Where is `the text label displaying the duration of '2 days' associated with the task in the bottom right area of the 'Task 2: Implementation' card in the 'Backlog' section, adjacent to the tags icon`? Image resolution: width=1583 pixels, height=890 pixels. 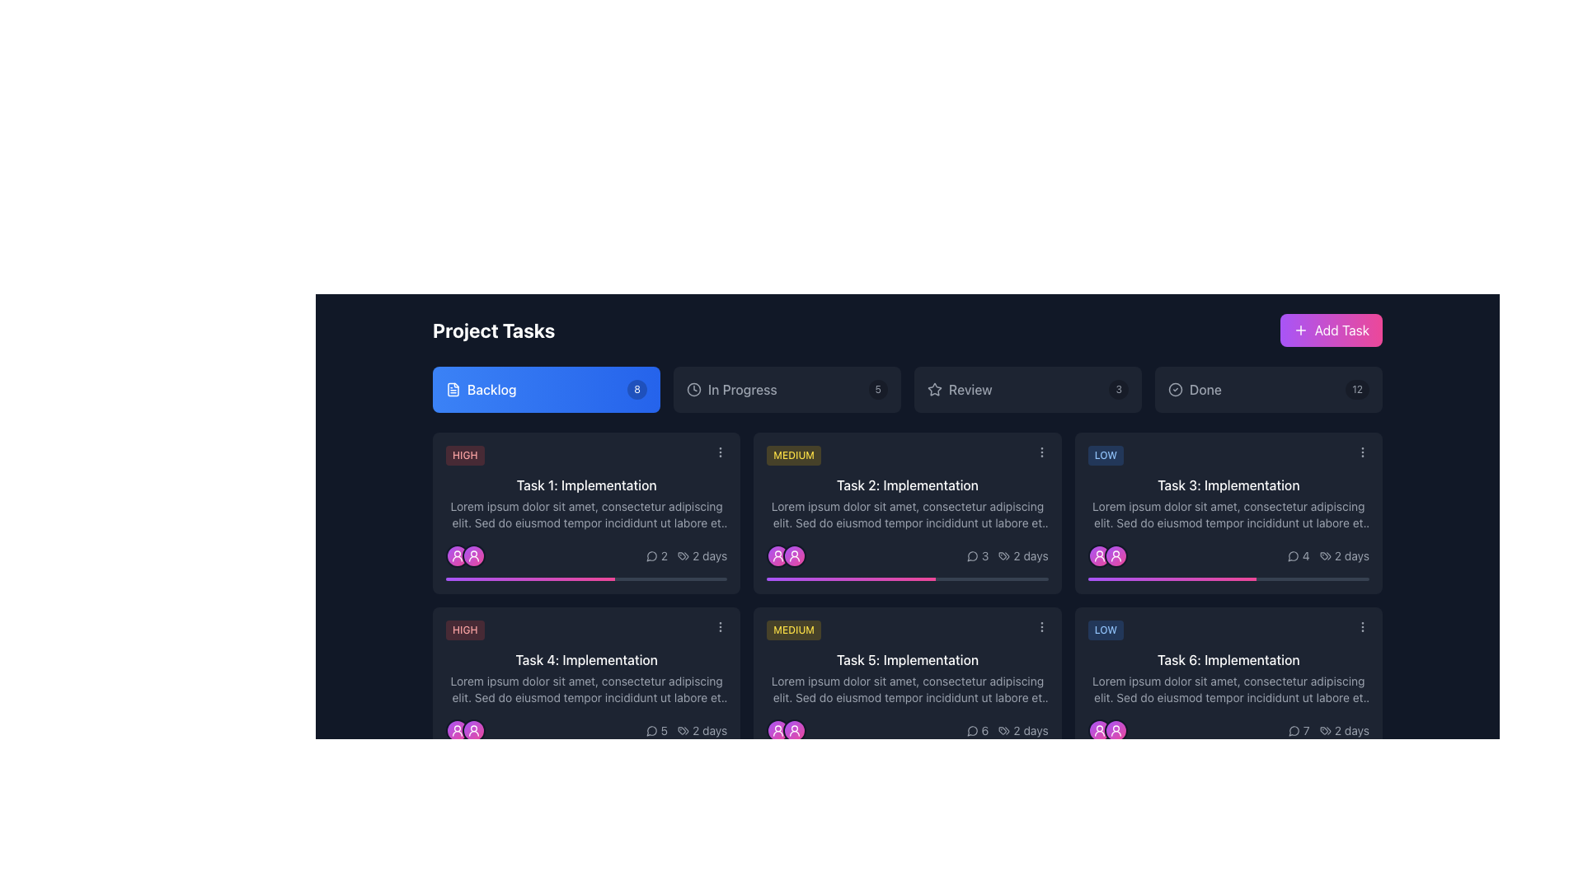
the text label displaying the duration of '2 days' associated with the task in the bottom right area of the 'Task 2: Implementation' card in the 'Backlog' section, adjacent to the tags icon is located at coordinates (1007, 556).